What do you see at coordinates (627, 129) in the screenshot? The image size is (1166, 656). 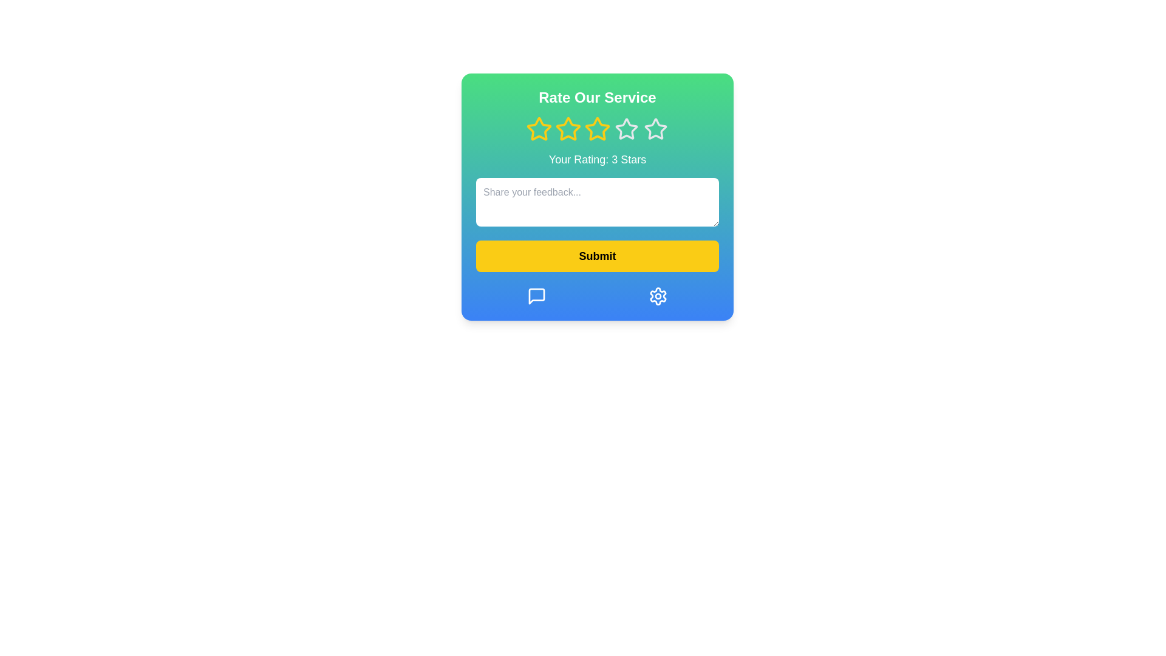 I see `the third star icon in the rating mechanism` at bounding box center [627, 129].